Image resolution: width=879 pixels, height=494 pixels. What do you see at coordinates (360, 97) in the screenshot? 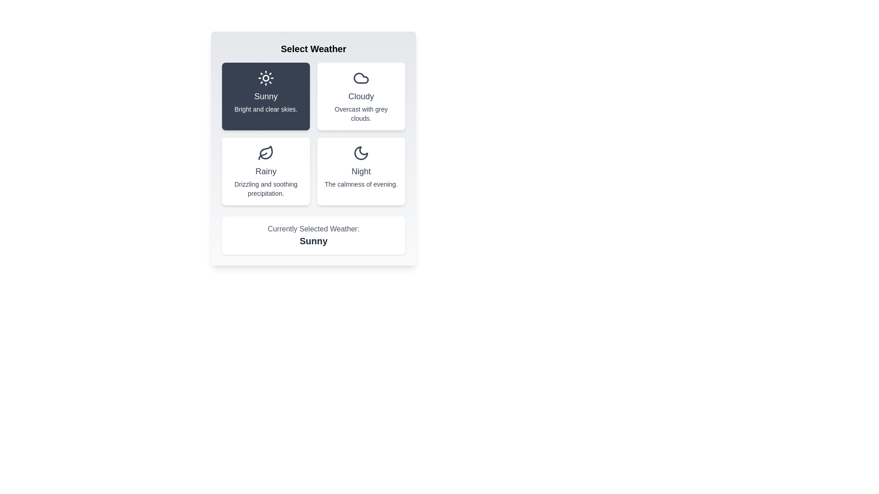
I see `the weather type Cloudy by clicking on its corresponding button` at bounding box center [360, 97].